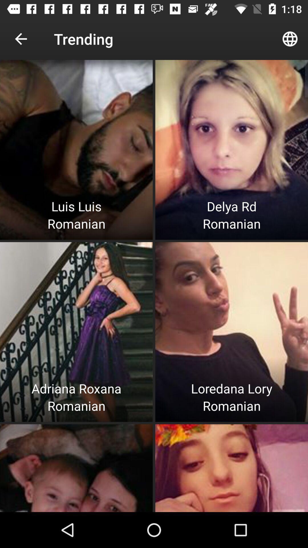 Image resolution: width=308 pixels, height=548 pixels. Describe the element at coordinates (21, 39) in the screenshot. I see `the icon to the left of trending item` at that location.